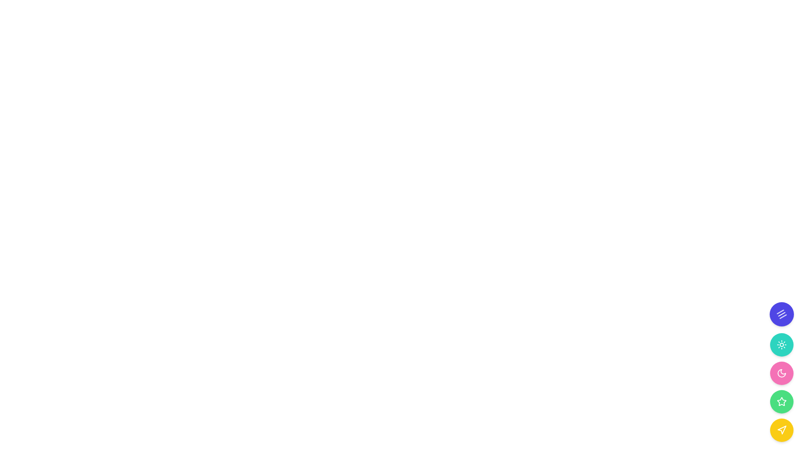 This screenshot has height=452, width=804. What do you see at coordinates (781, 430) in the screenshot?
I see `the yellow circular button containing the navigation arrow icon, which is the fifth and bottommost item in the vertical action menu on the right side of the interface` at bounding box center [781, 430].